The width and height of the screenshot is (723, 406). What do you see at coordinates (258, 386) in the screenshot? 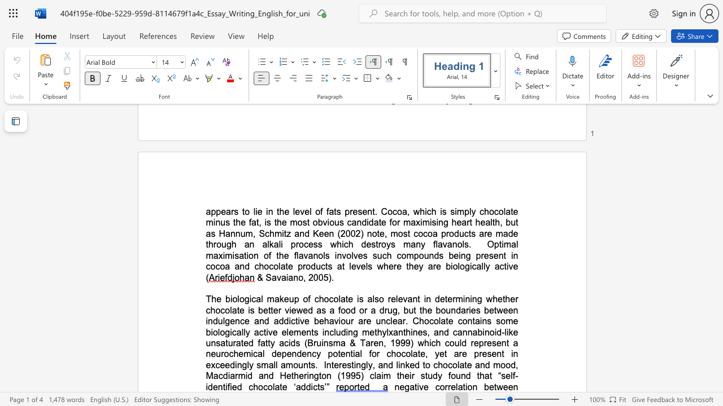
I see `the subset text "ocolate ‘a" within the text "mood, Macdiarmid and Hetherington (1995) claim their study found that “self-identified chocolate ‘addicts’”"` at bounding box center [258, 386].